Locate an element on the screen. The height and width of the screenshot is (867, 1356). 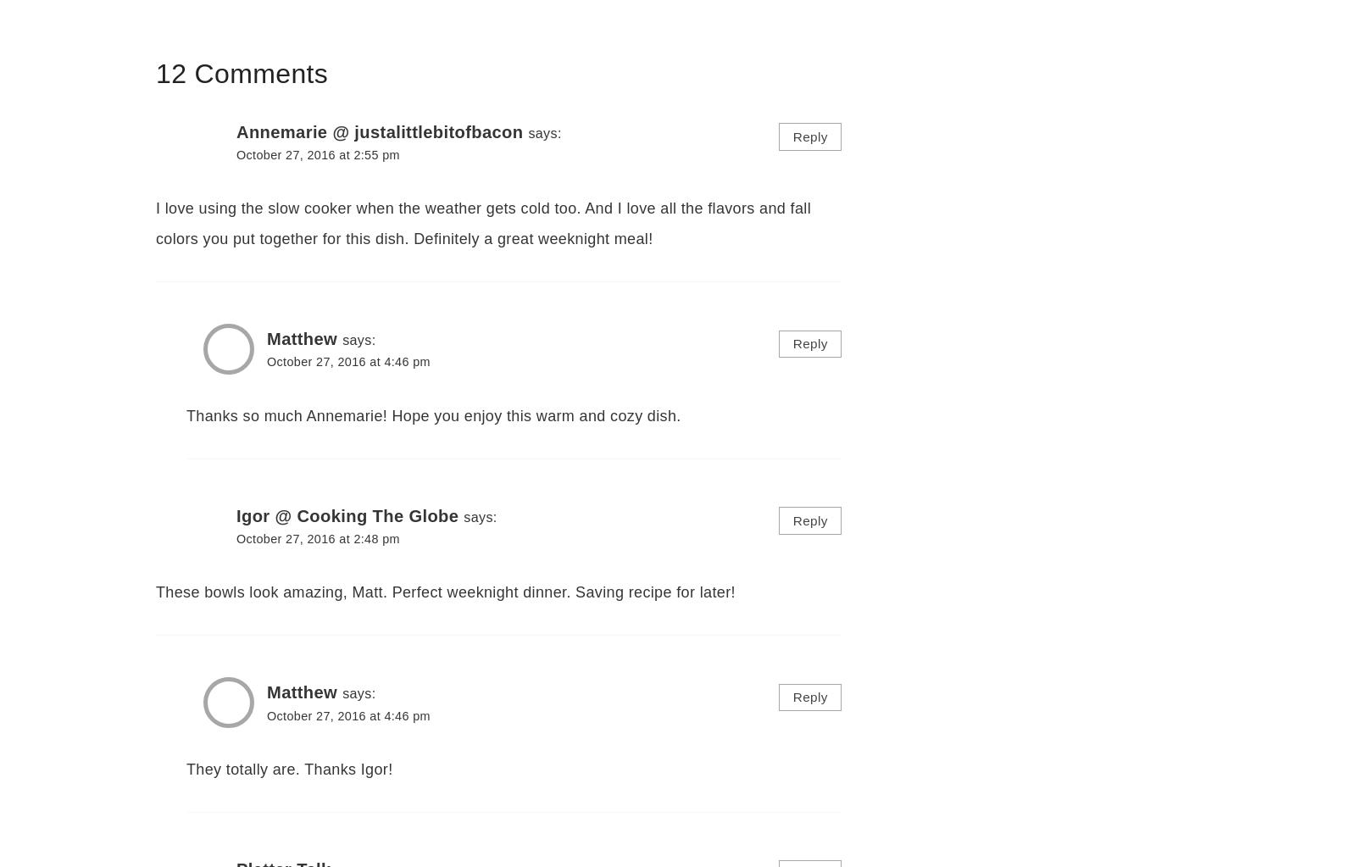
'12 Comments' is located at coordinates (155, 73).